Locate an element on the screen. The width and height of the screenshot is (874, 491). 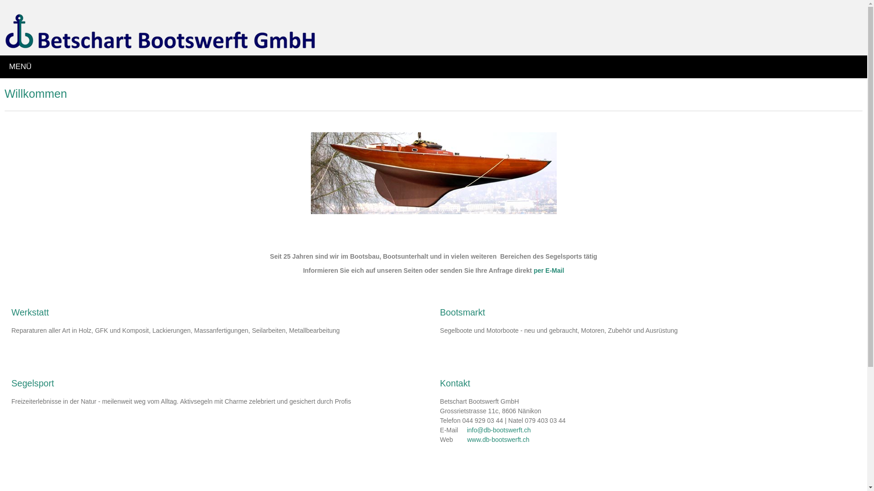
'per E-Mail' is located at coordinates (548, 270).